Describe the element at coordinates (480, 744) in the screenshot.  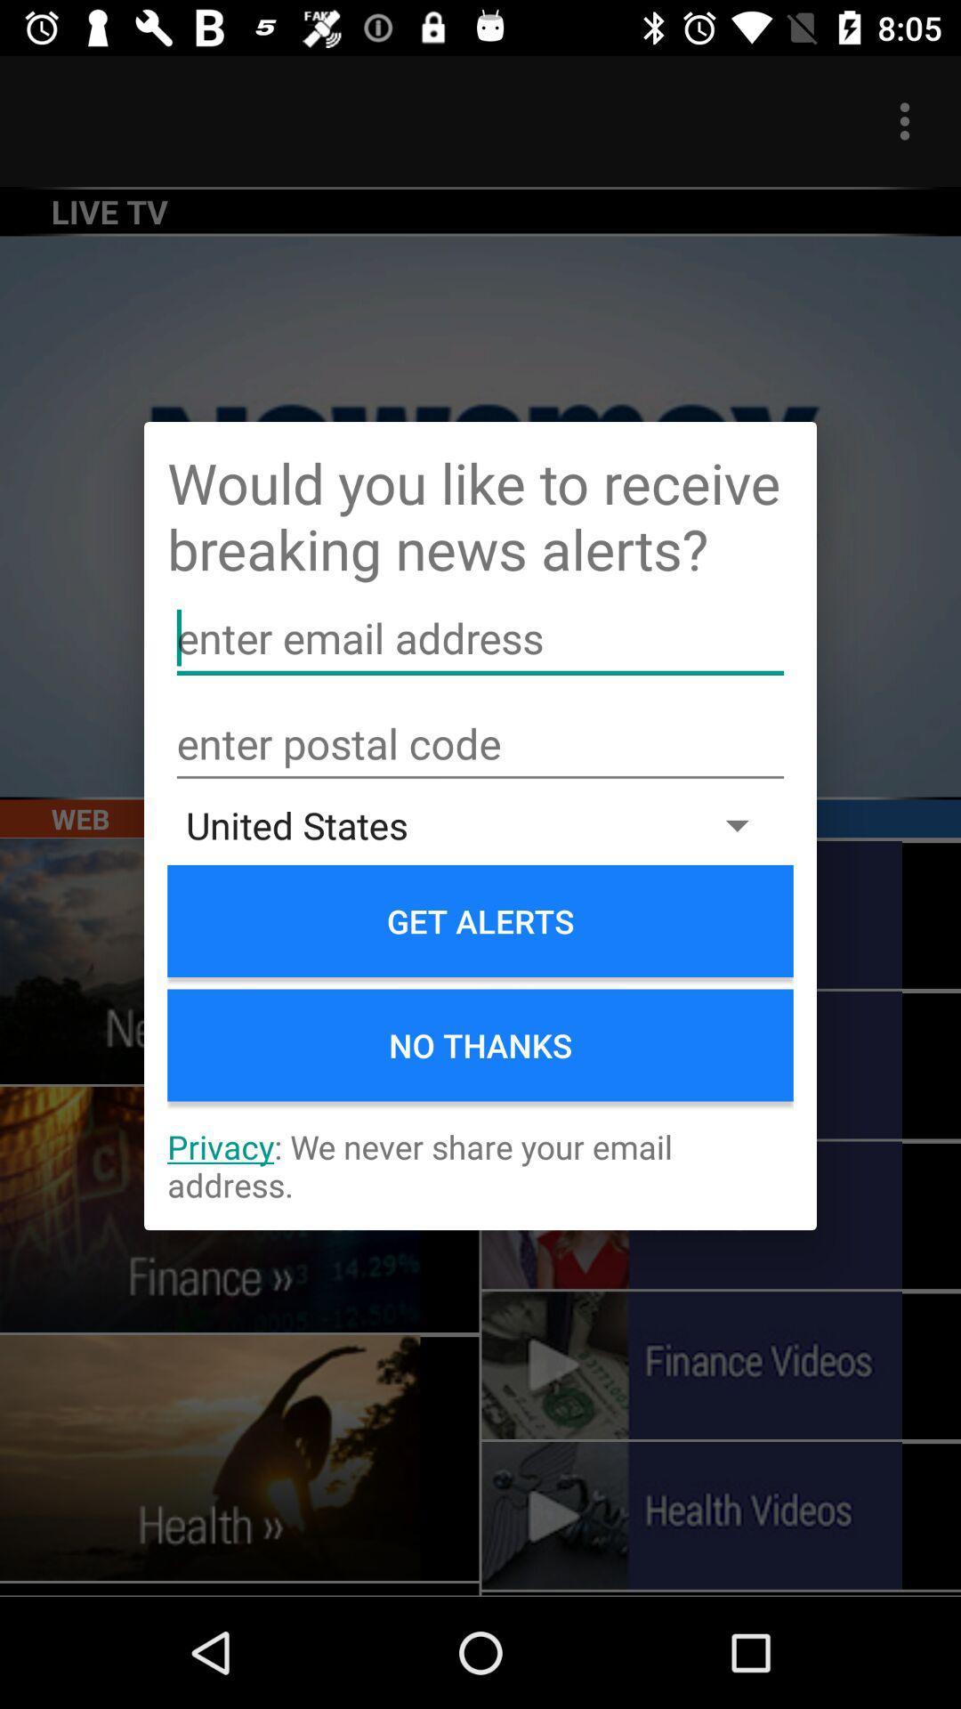
I see `change in mobile no to using mnp` at that location.